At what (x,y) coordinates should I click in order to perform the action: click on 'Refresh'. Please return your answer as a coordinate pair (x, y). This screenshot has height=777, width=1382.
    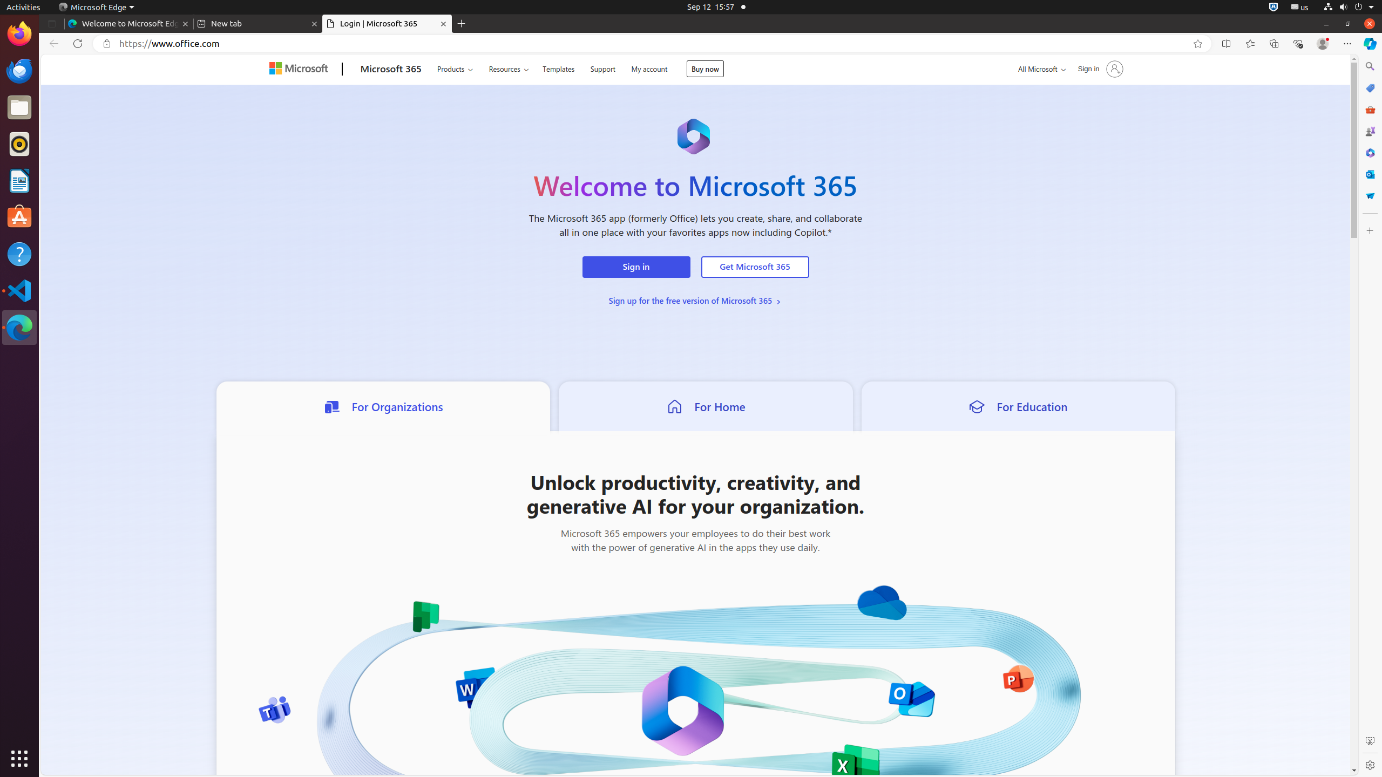
    Looking at the image, I should click on (77, 43).